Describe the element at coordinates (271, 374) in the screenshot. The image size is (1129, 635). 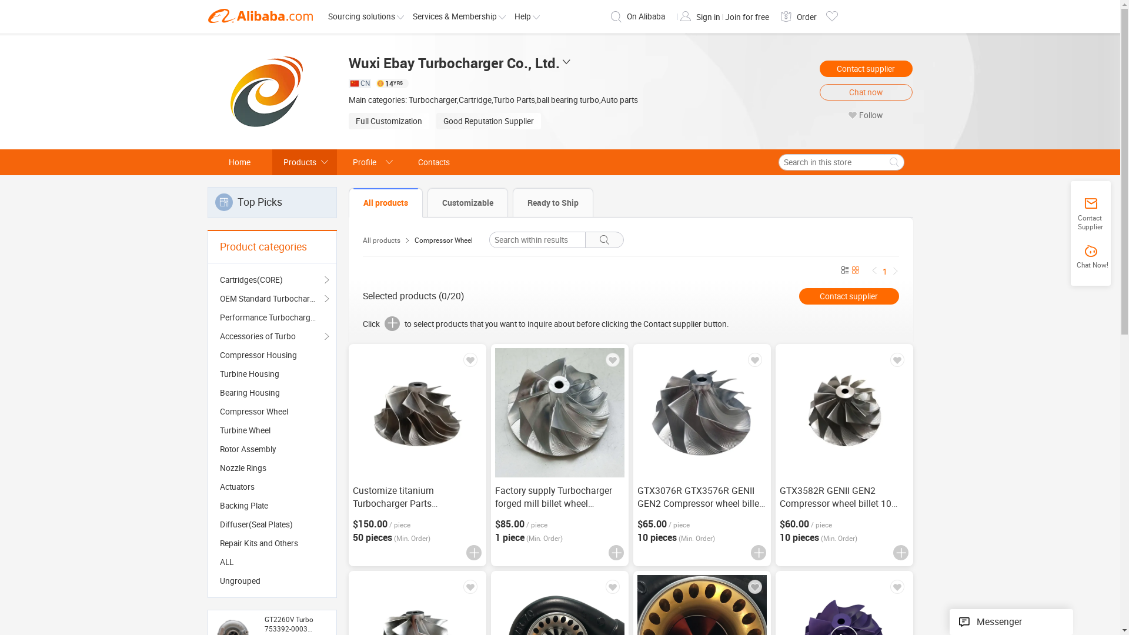
I see `'Turbine Housing'` at that location.